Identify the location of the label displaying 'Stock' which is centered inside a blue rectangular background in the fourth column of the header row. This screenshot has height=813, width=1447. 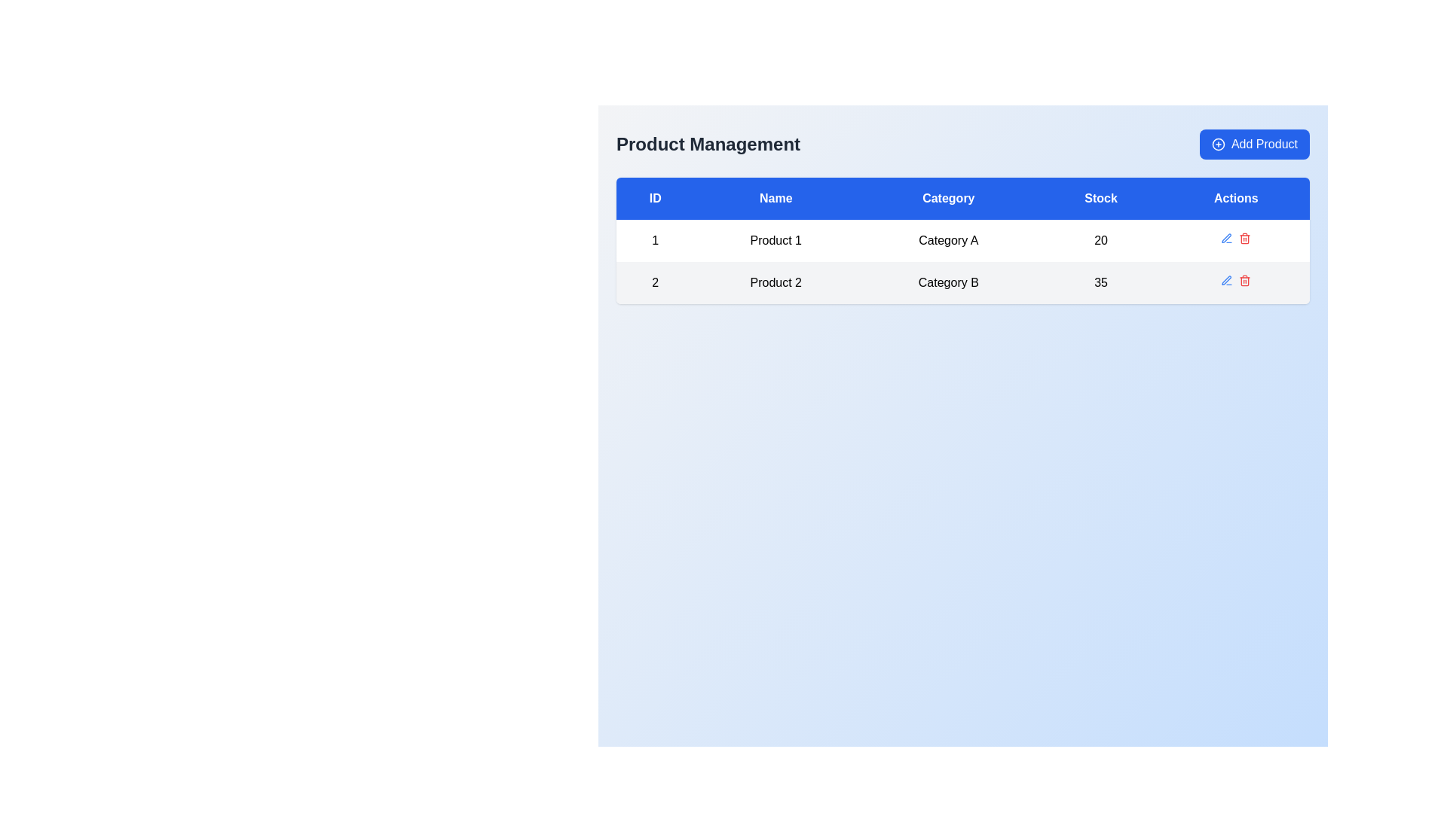
(1101, 197).